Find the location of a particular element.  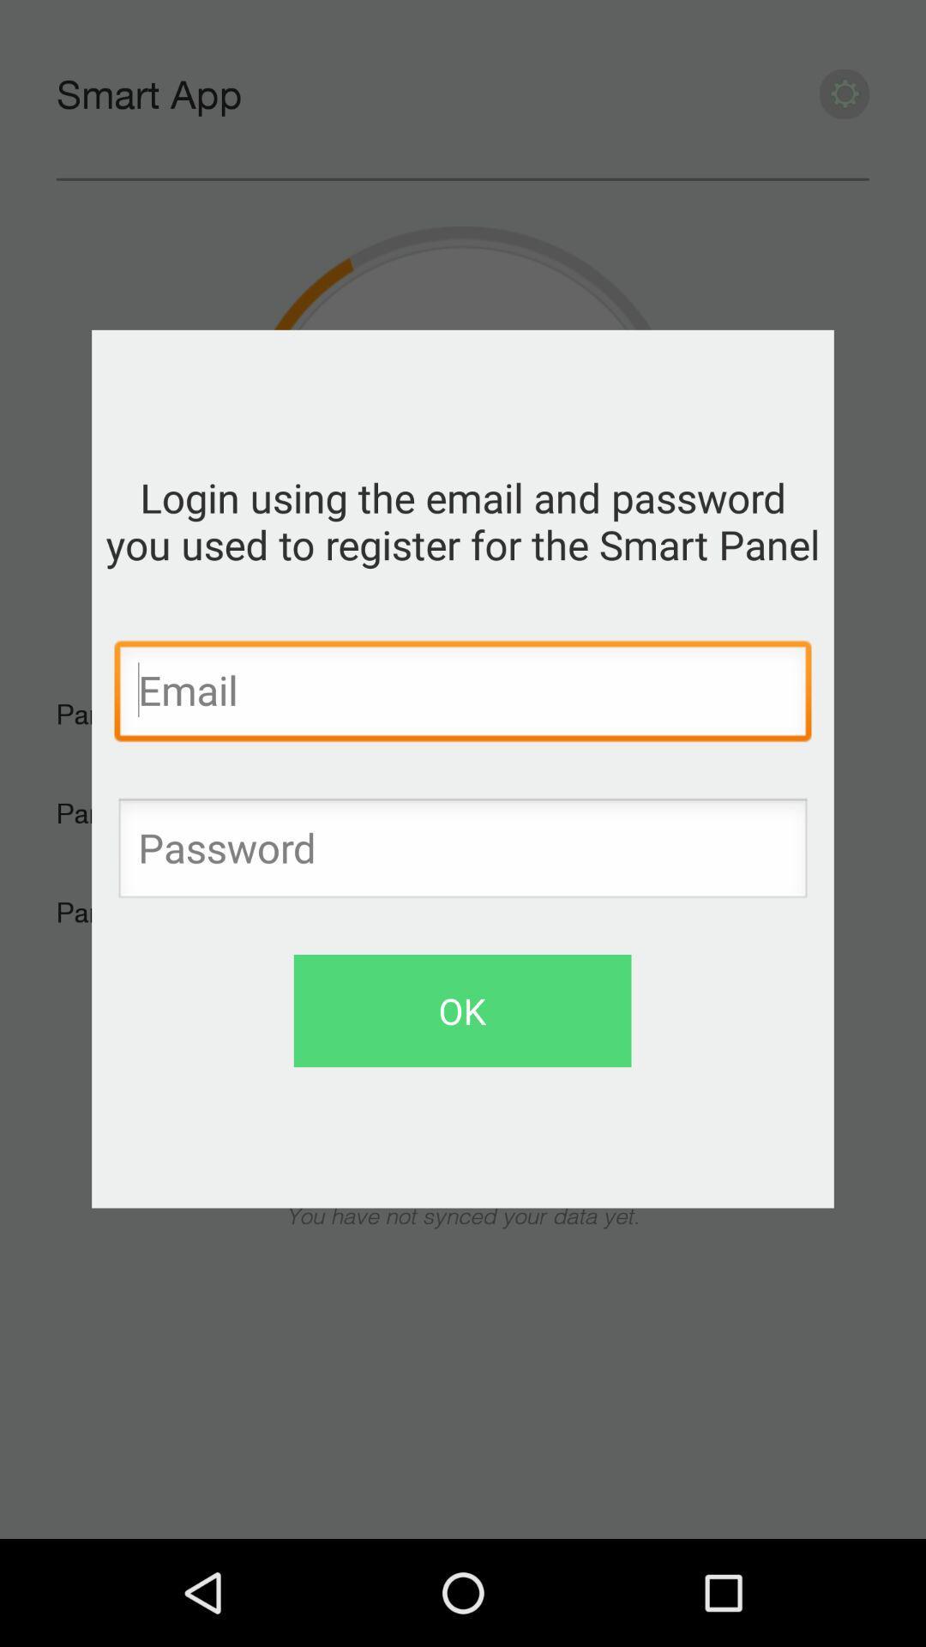

the icon below login using the is located at coordinates (463, 696).